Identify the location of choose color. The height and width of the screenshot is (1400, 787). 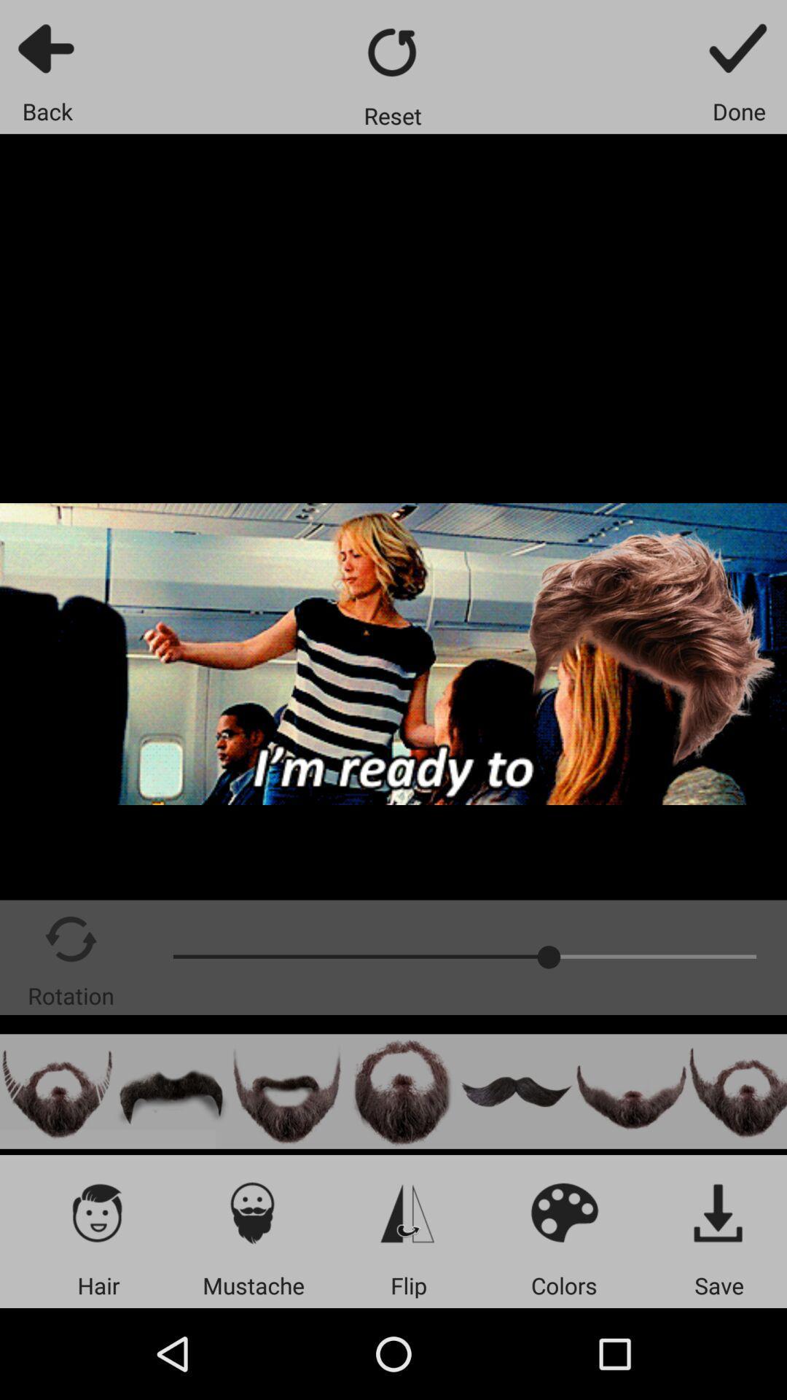
(563, 1212).